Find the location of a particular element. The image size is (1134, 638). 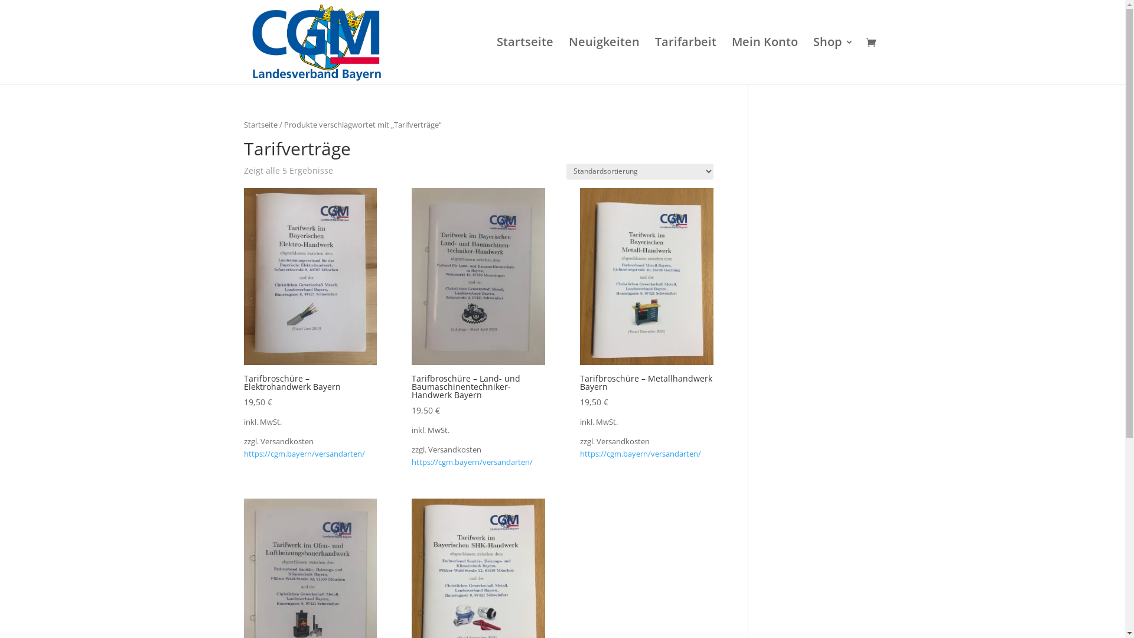

'Mein Konto' is located at coordinates (764, 61).